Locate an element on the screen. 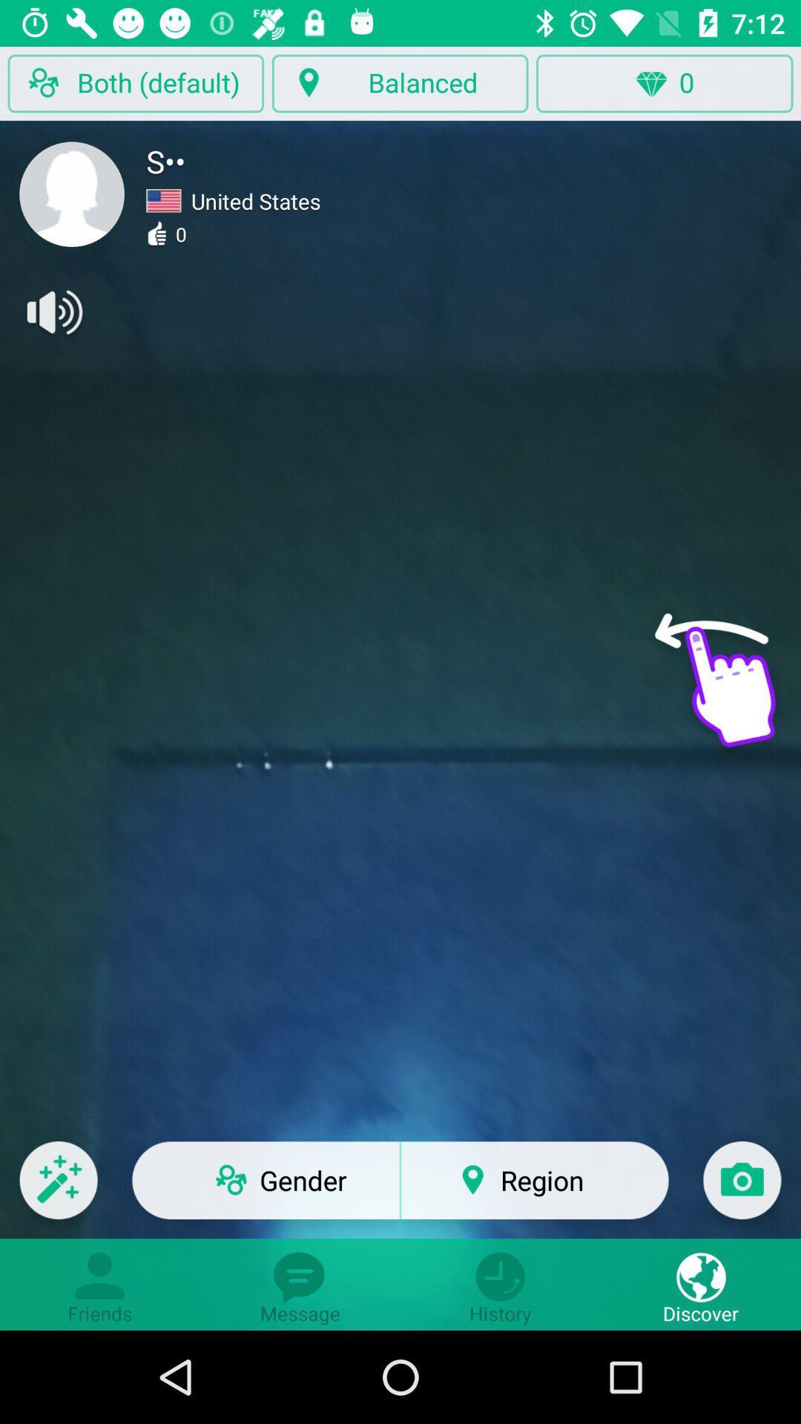  the volume icon is located at coordinates (53, 311).